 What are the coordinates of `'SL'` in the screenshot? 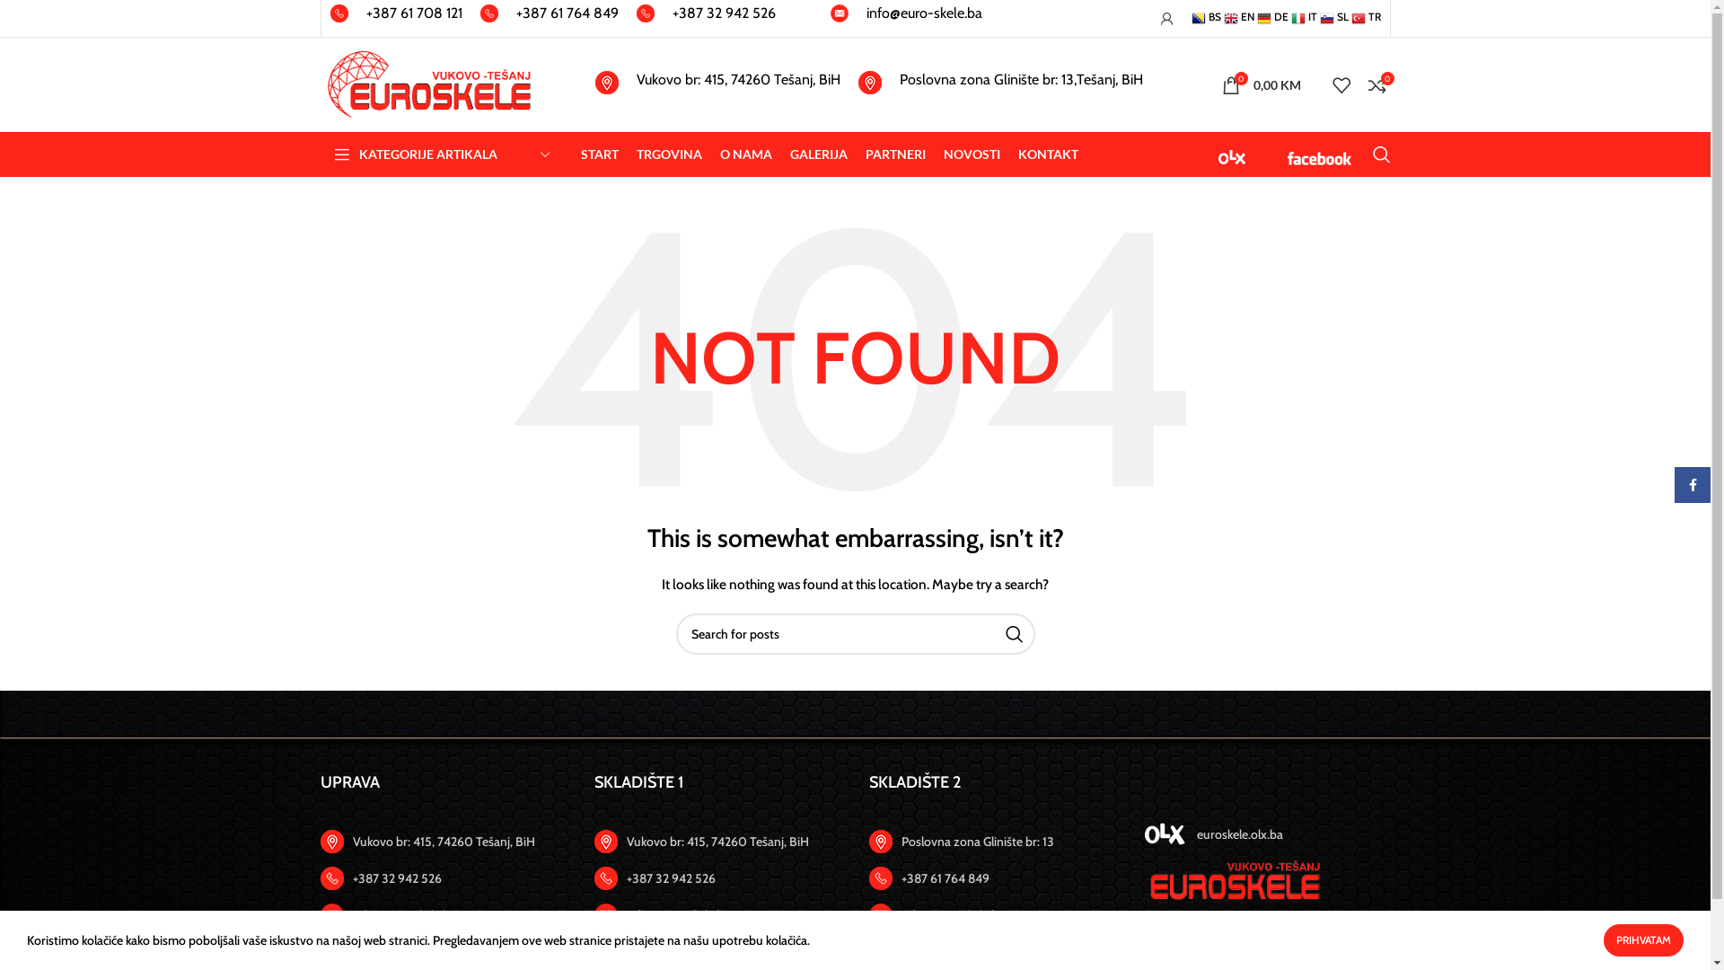 It's located at (1334, 16).